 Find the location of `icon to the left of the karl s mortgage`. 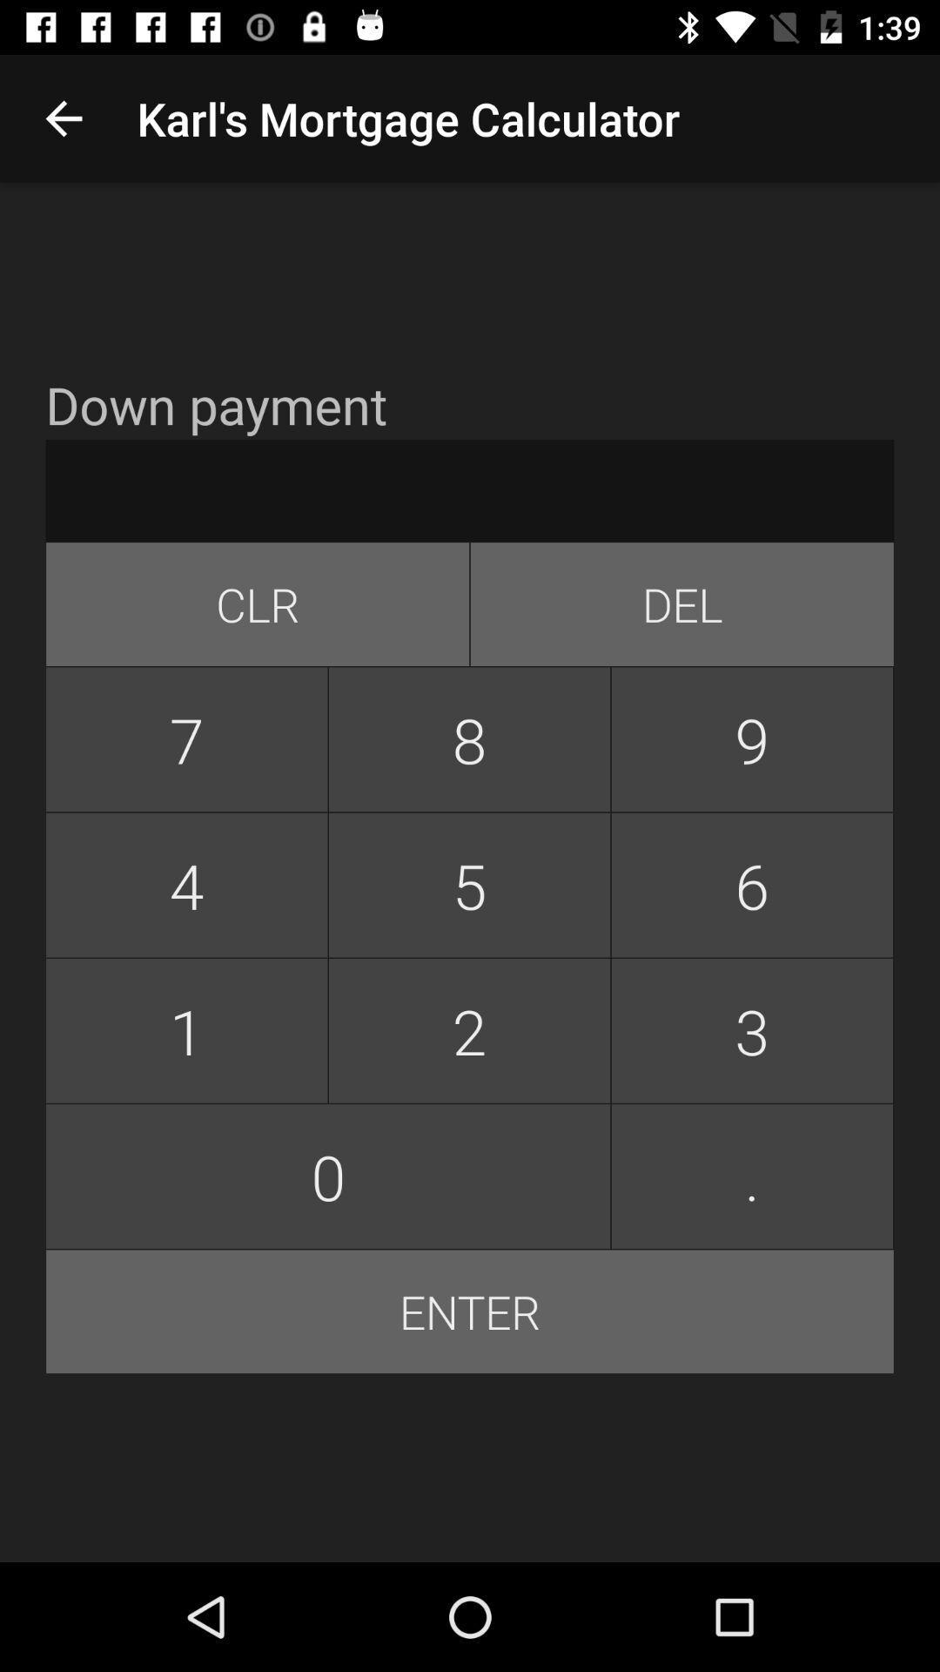

icon to the left of the karl s mortgage is located at coordinates (63, 118).